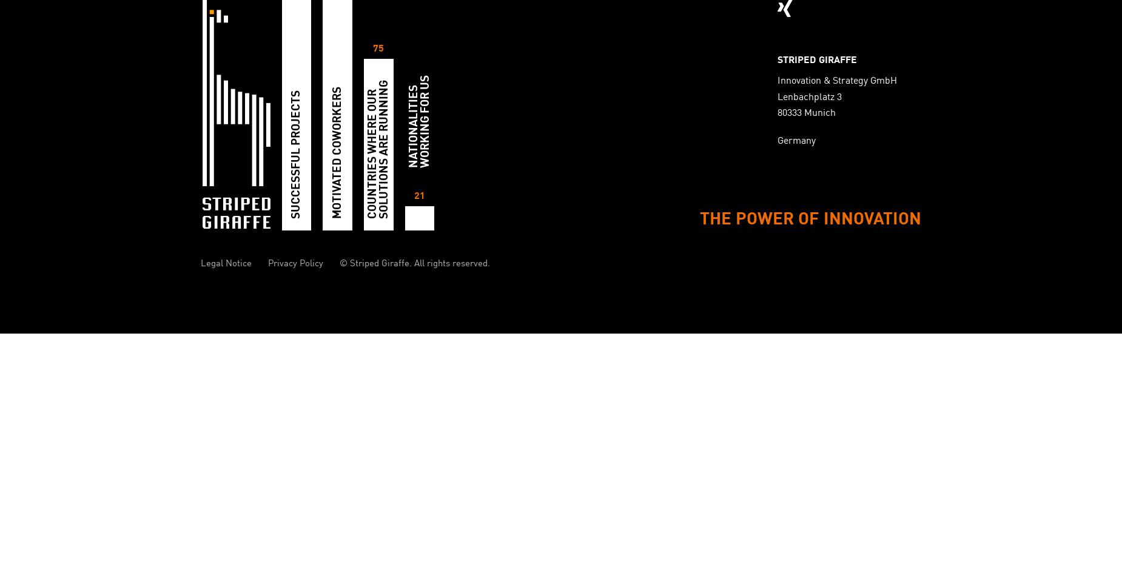 The width and height of the screenshot is (1122, 578). What do you see at coordinates (808, 96) in the screenshot?
I see `'Lenbachplatz 3'` at bounding box center [808, 96].